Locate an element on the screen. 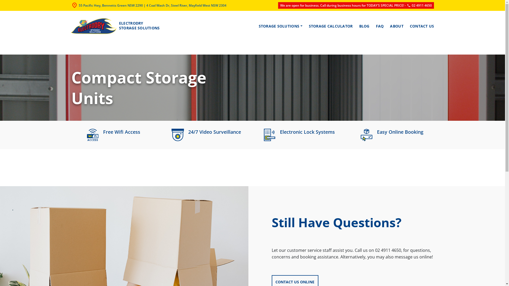 The image size is (509, 286). 'ABOUT' is located at coordinates (387, 26).